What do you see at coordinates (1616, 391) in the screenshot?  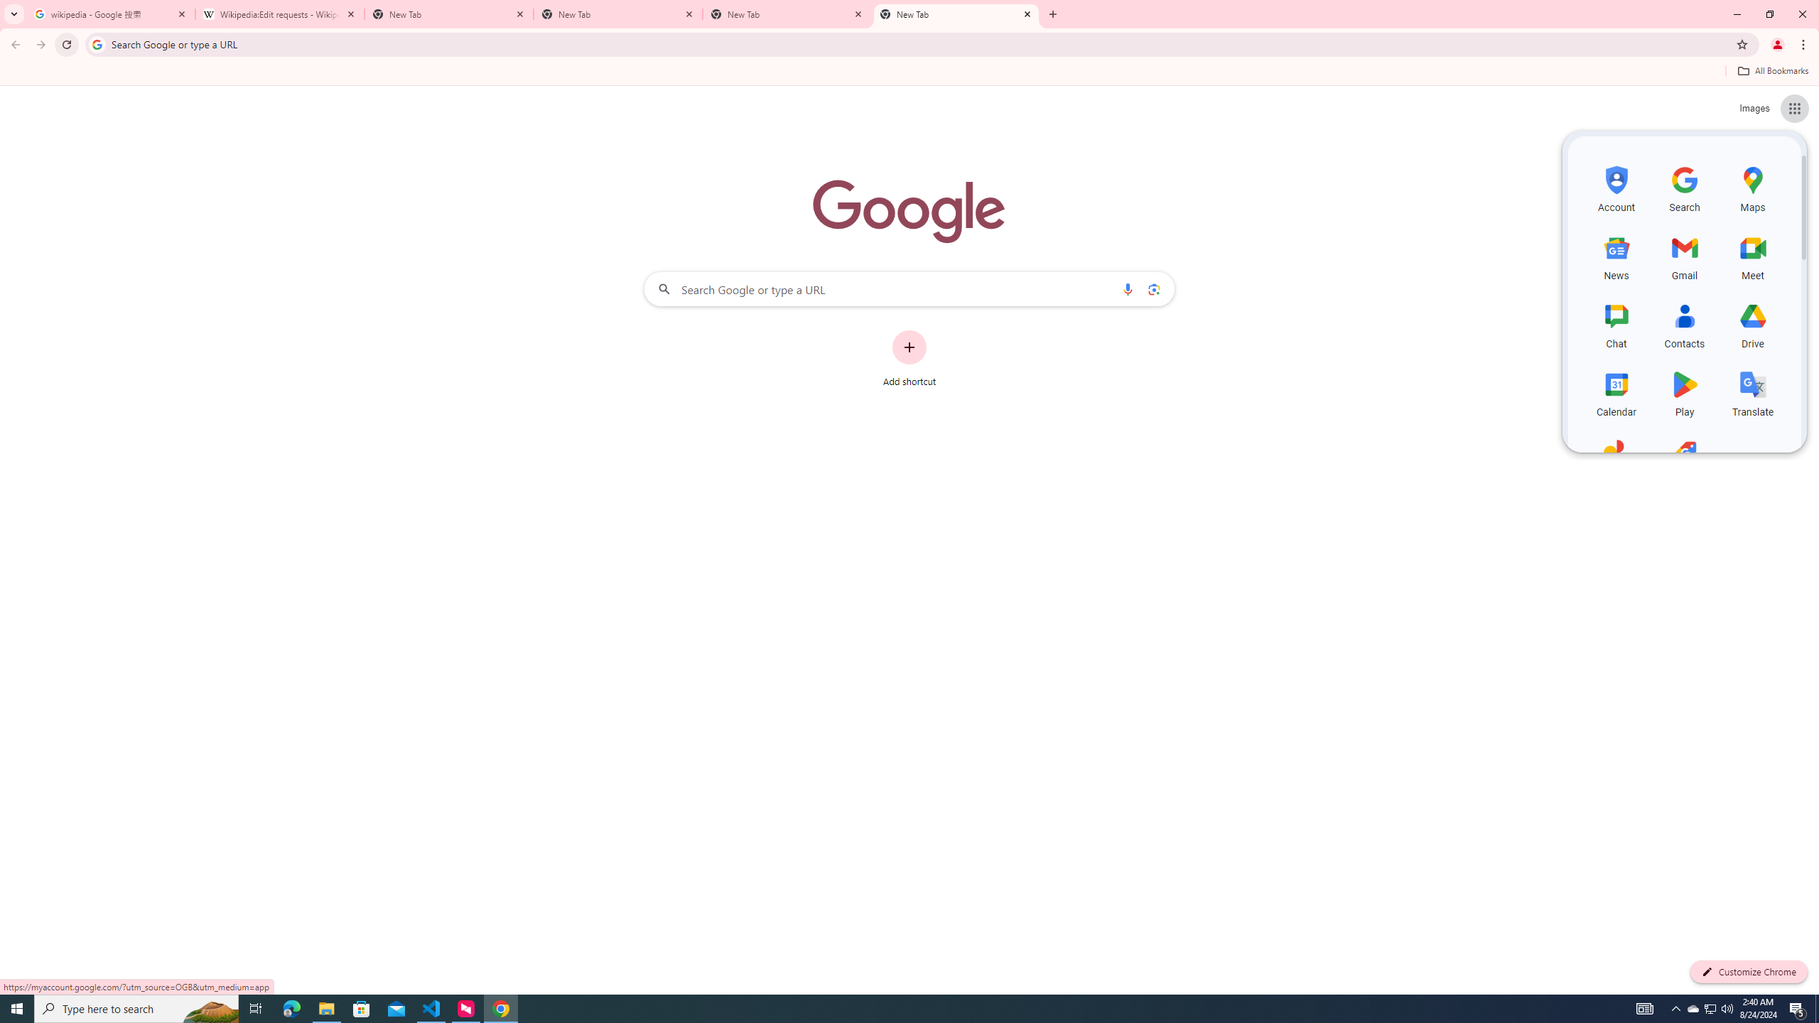 I see `'Calendar, row 4 of 5 and column 1 of 3 in the first section'` at bounding box center [1616, 391].